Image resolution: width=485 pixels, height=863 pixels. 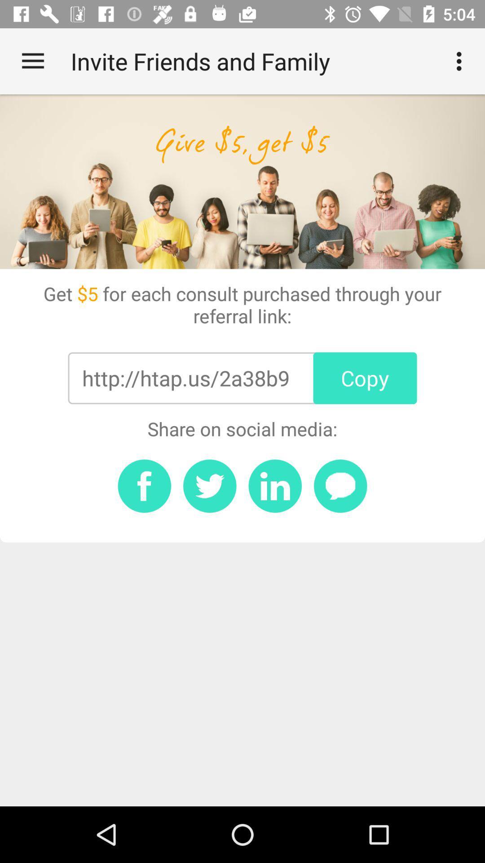 I want to click on the facebook icon, so click(x=144, y=485).